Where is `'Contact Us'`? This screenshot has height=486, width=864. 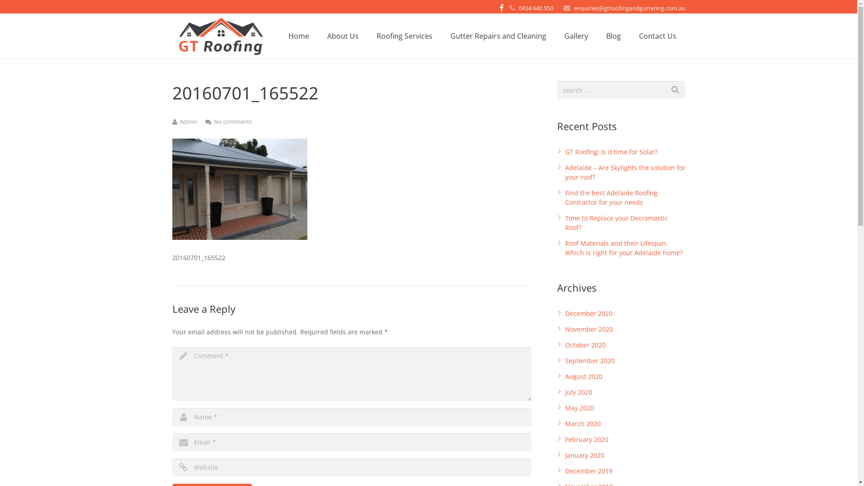
'Contact Us' is located at coordinates (657, 36).